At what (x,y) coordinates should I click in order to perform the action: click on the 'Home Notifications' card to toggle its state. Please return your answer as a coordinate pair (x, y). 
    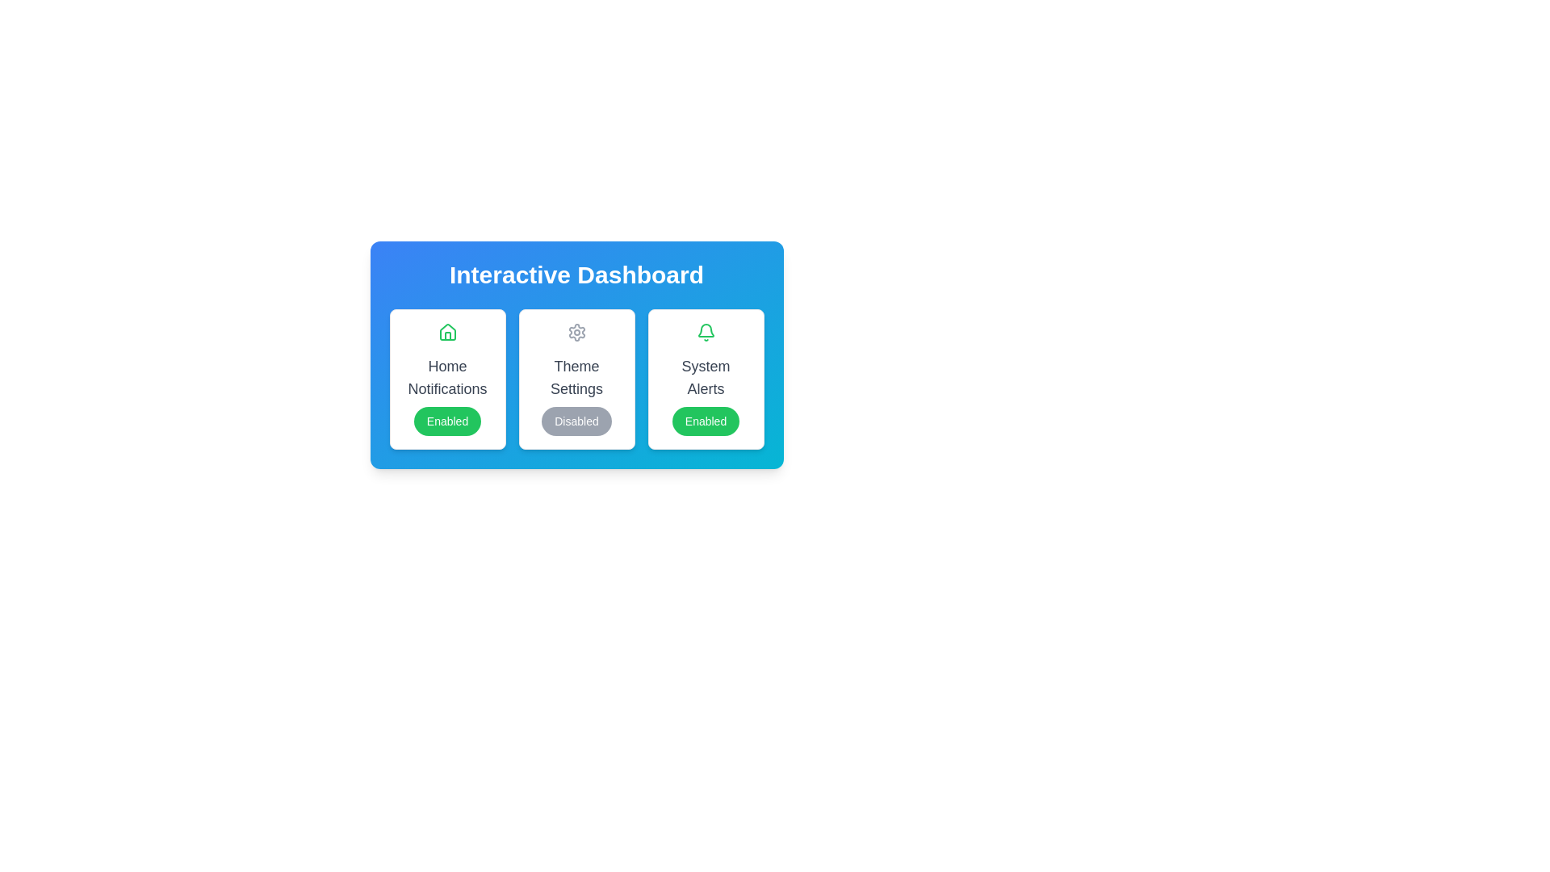
    Looking at the image, I should click on (447, 379).